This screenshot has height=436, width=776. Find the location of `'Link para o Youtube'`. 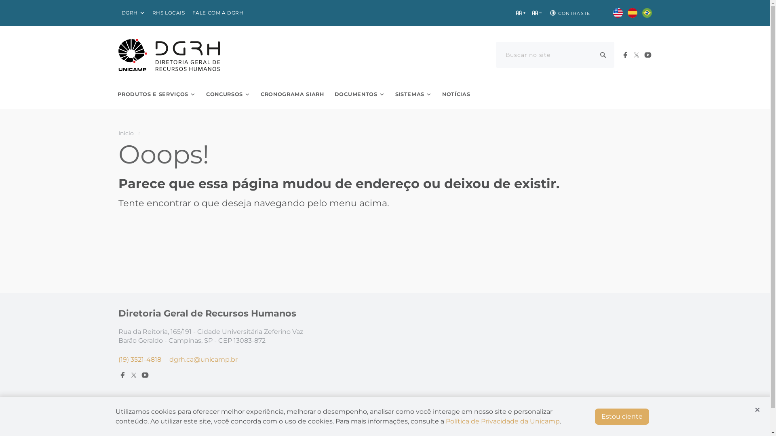

'Link para o Youtube' is located at coordinates (145, 375).